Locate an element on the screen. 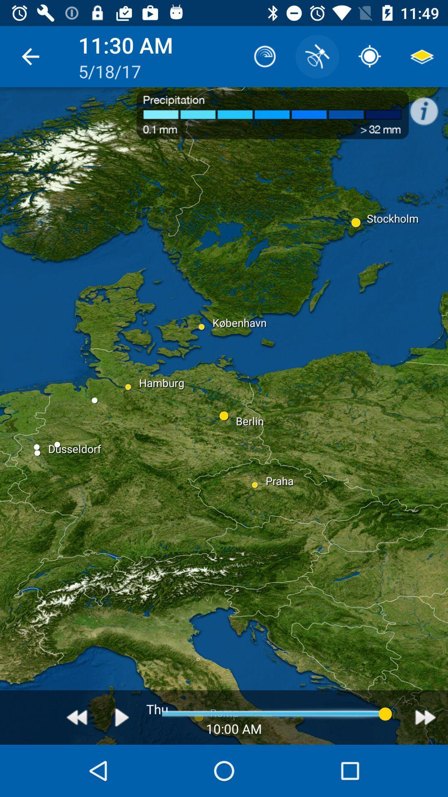 This screenshot has height=797, width=448. button is located at coordinates (122, 717).